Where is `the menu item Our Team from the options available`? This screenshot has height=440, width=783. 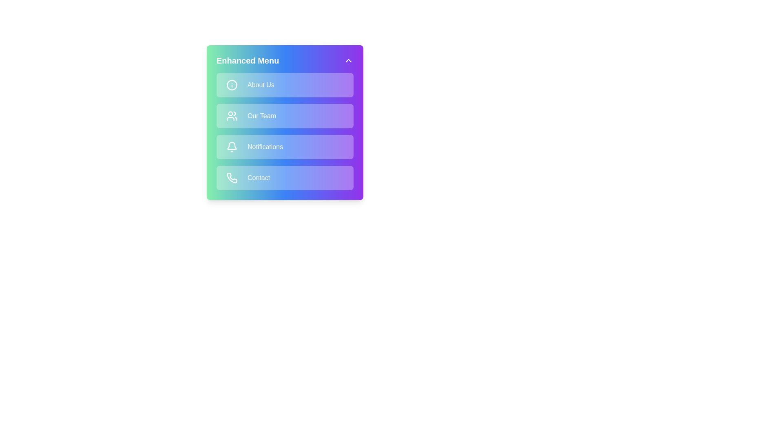
the menu item Our Team from the options available is located at coordinates (285, 116).